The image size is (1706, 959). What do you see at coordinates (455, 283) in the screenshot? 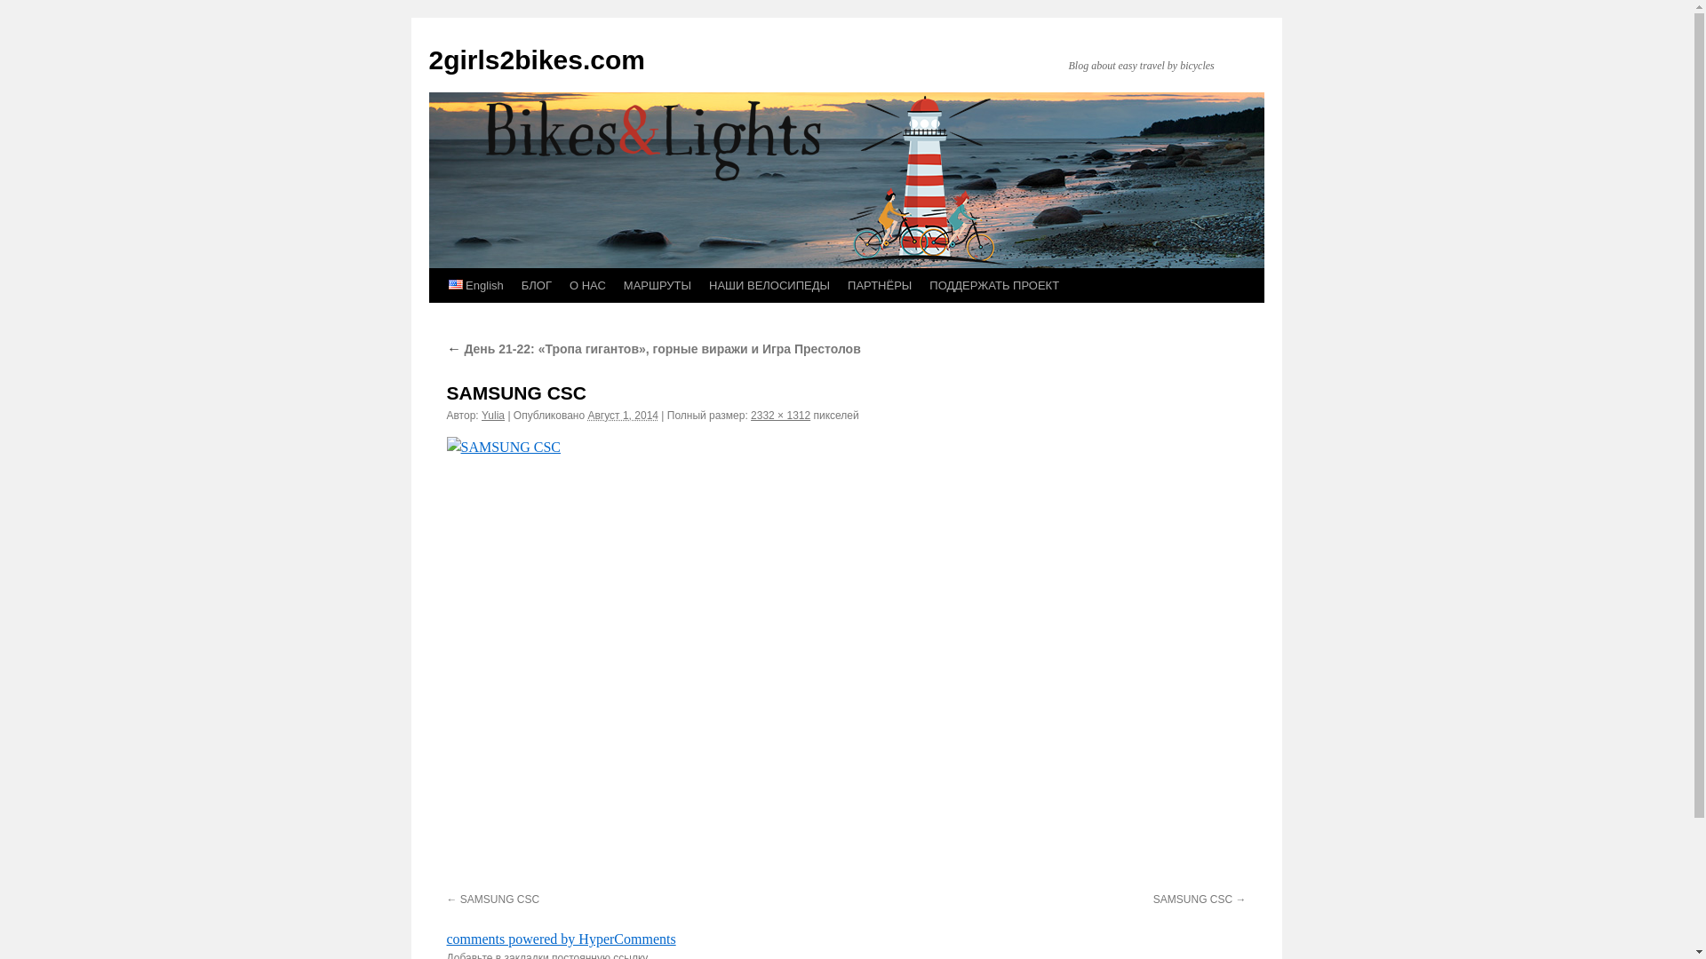
I see `'English'` at bounding box center [455, 283].